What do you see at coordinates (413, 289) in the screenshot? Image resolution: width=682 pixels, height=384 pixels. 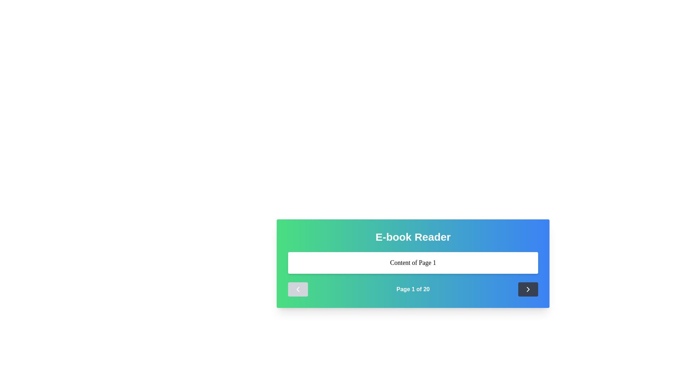 I see `displayed information from the text area showing 'Page 1 of 20', which is styled in white font against a vibrant gradient background and is located at the bottom section of a card component` at bounding box center [413, 289].